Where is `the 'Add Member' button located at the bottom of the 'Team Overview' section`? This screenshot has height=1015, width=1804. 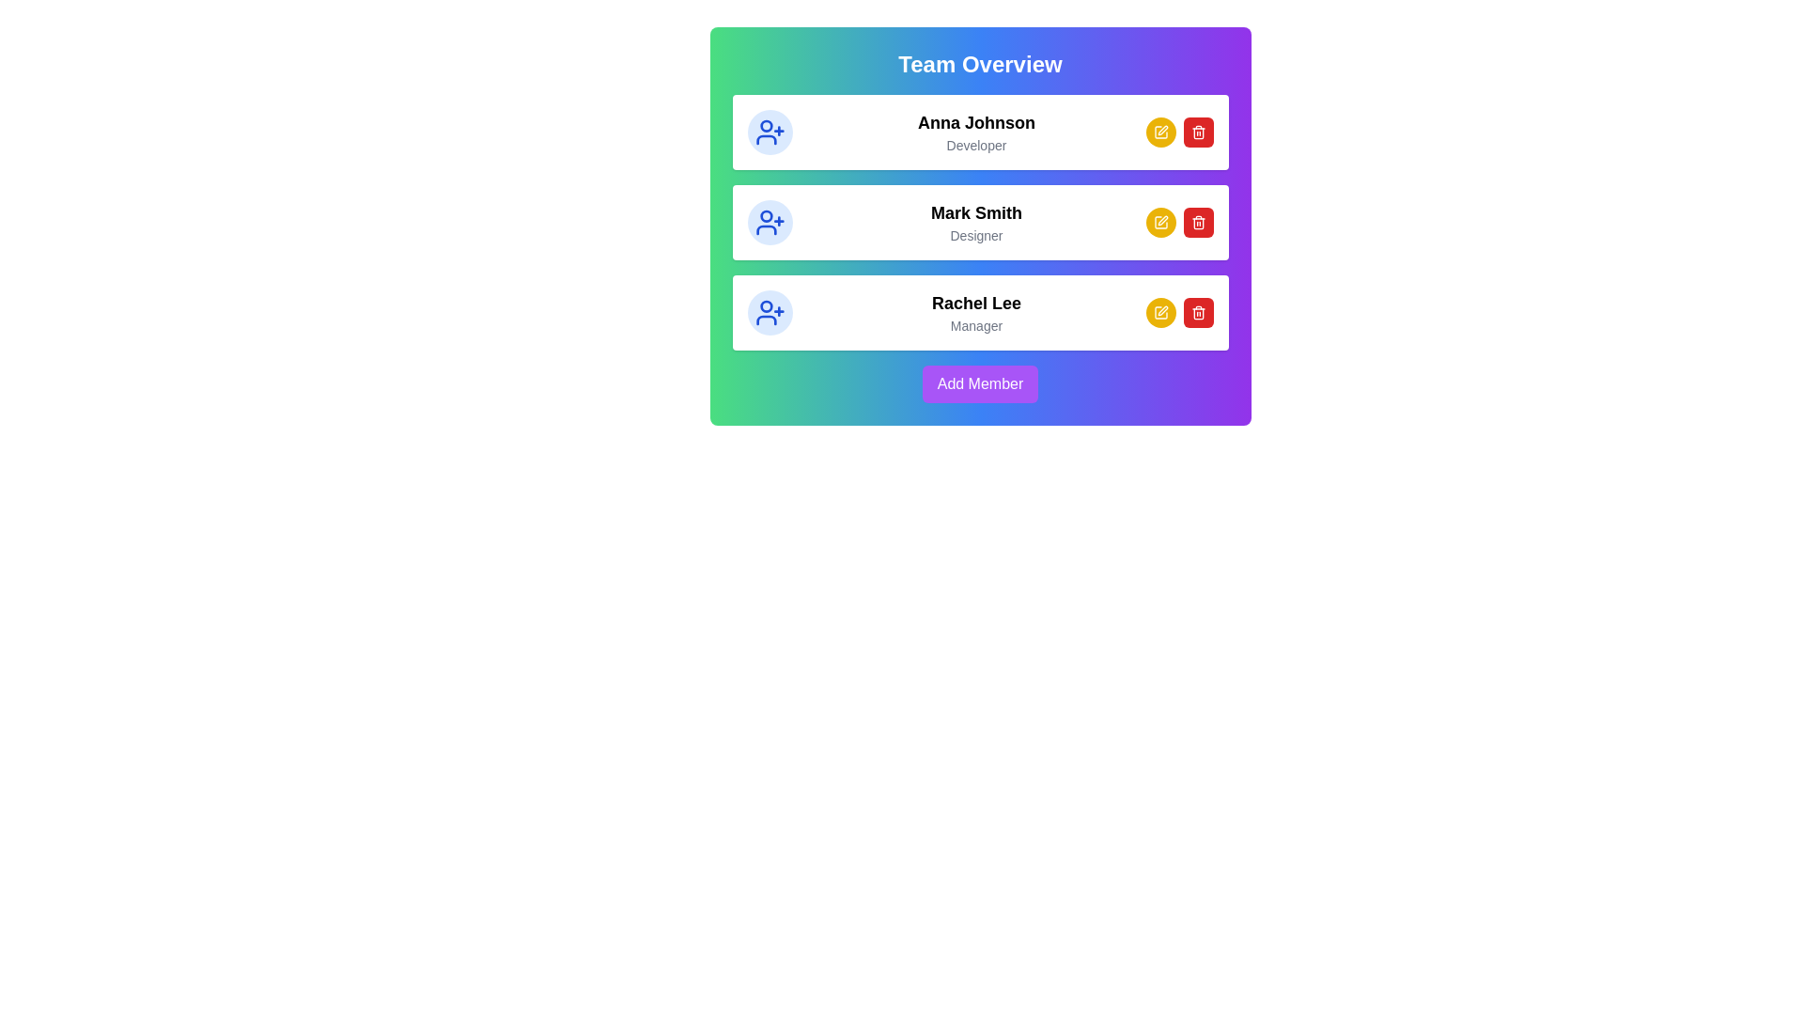
the 'Add Member' button located at the bottom of the 'Team Overview' section is located at coordinates (979, 383).